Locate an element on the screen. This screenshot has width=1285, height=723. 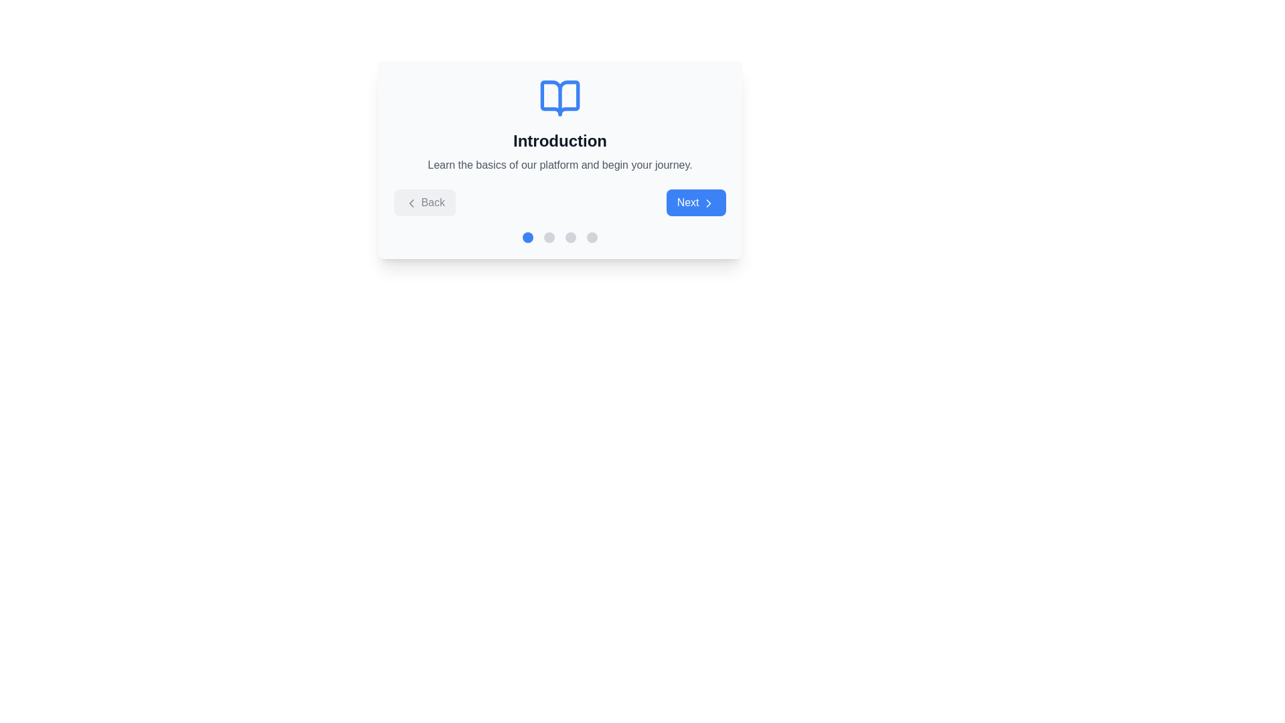
the fourth circular progress indicator with a gray fill, located at the bottom of the card component is located at coordinates (591, 236).